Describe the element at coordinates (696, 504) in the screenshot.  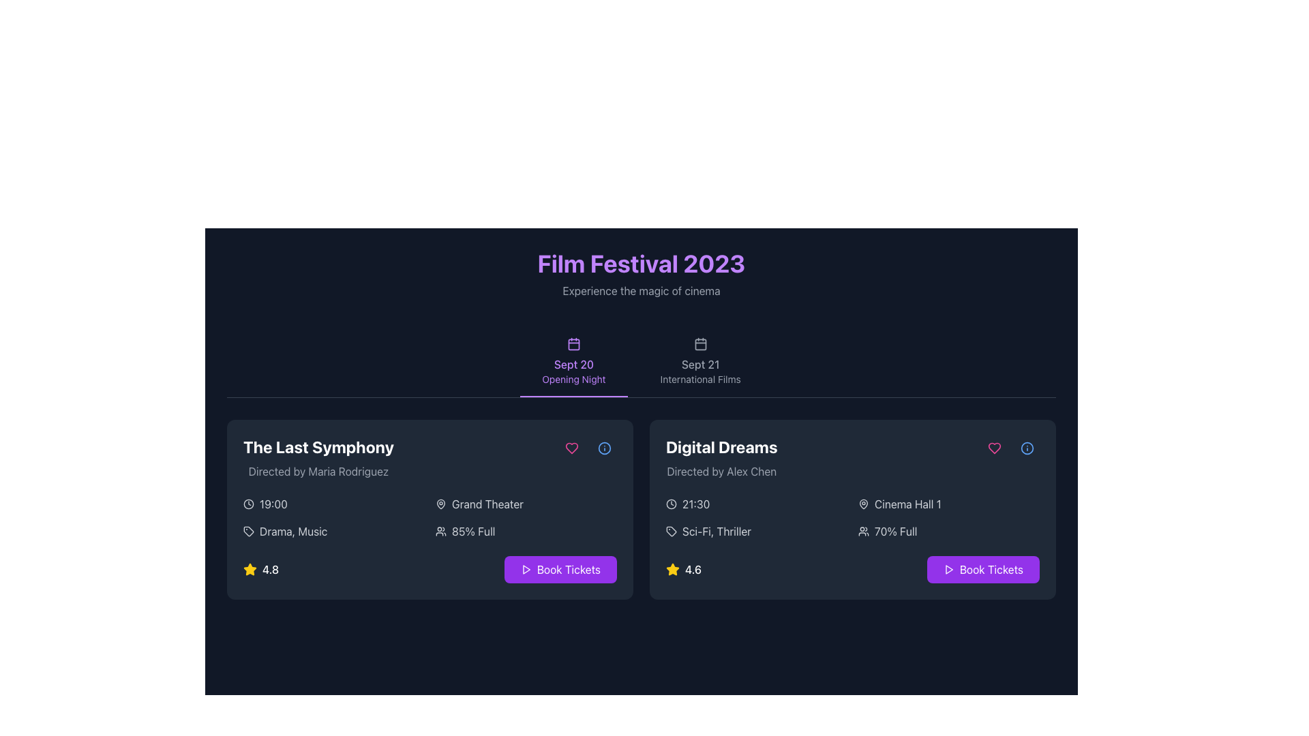
I see `time displayed as '21:30' in white font, located in the right information panel titled 'Digital Dreams', next to the clock icon` at that location.